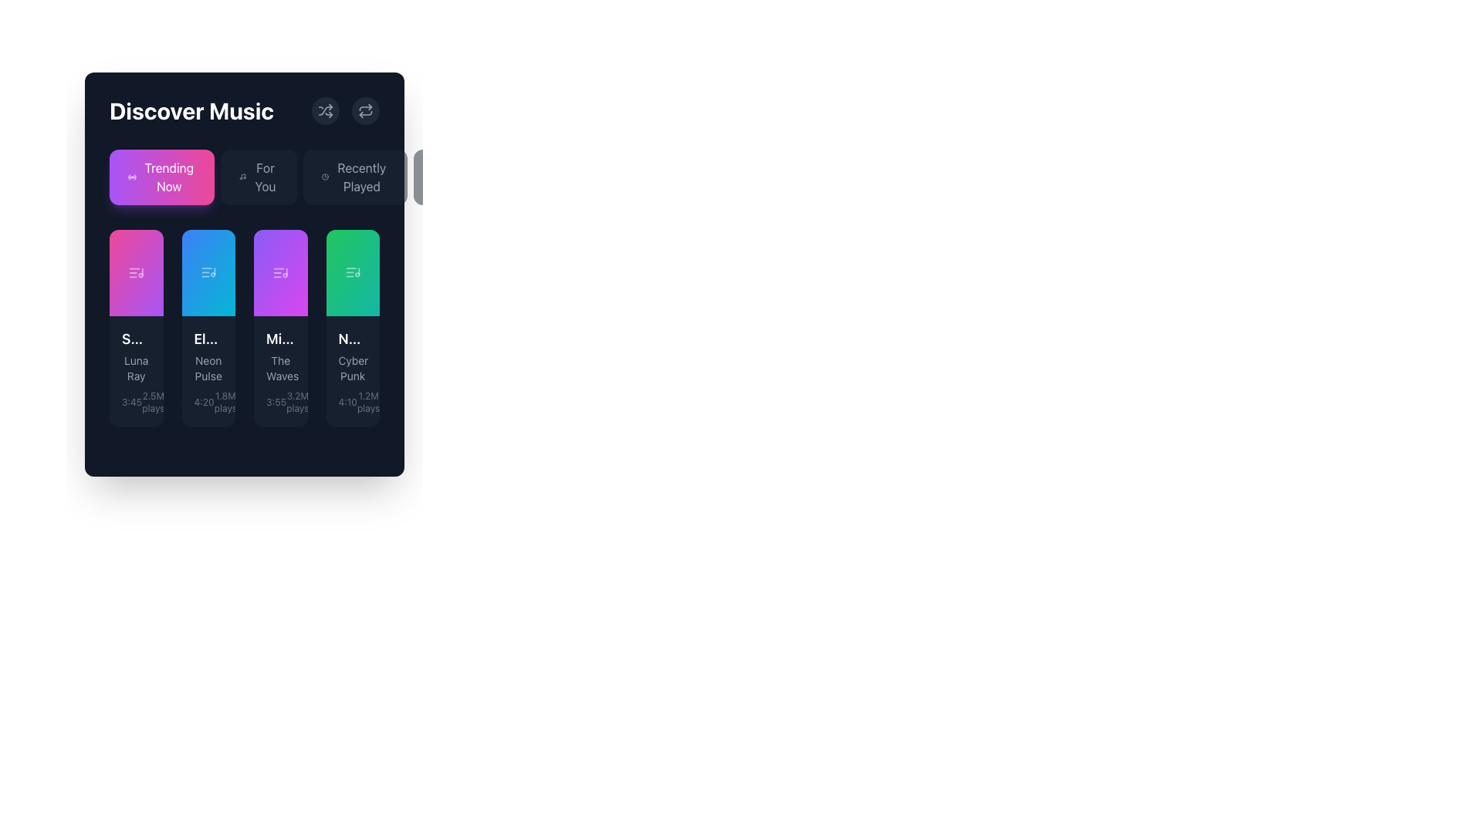 The image size is (1482, 833). What do you see at coordinates (225, 401) in the screenshot?
I see `the plays label indicating the popularity of the track 'Neon Pulse', located below its card in the grid layout` at bounding box center [225, 401].